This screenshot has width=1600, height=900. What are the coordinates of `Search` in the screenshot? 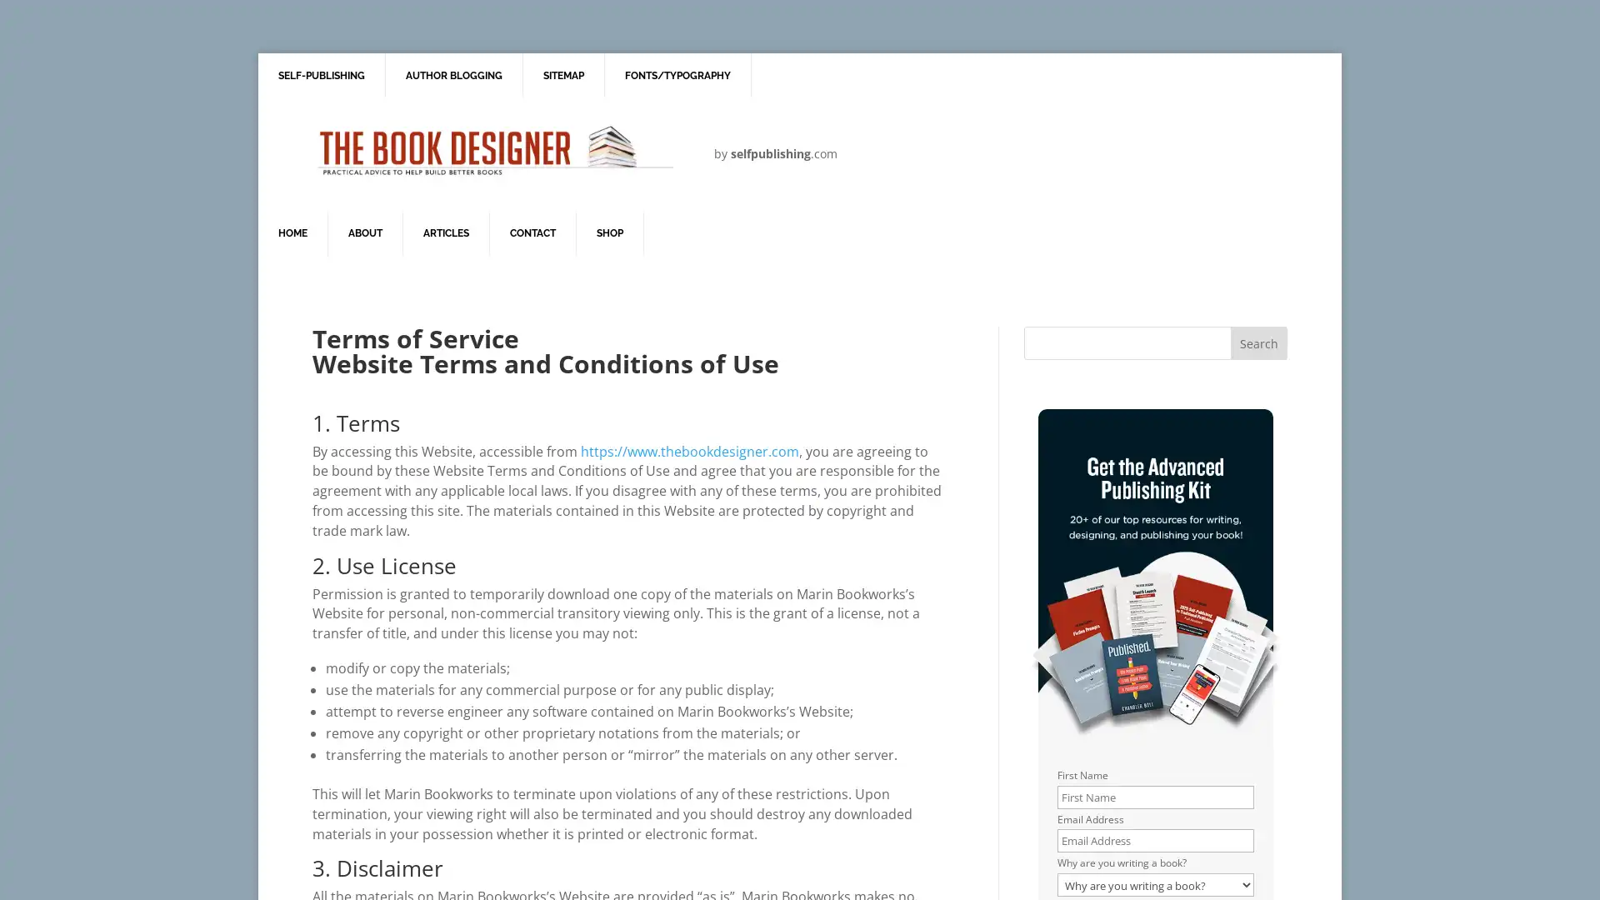 It's located at (1258, 342).